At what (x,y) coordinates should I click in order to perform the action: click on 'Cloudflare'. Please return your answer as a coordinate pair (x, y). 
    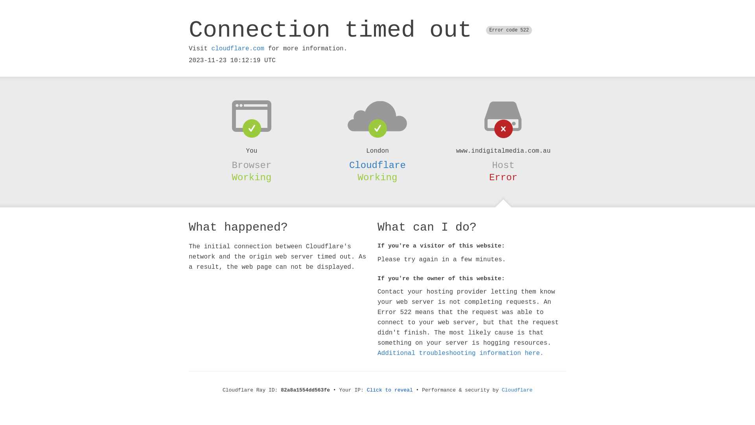
    Looking at the image, I should click on (377, 165).